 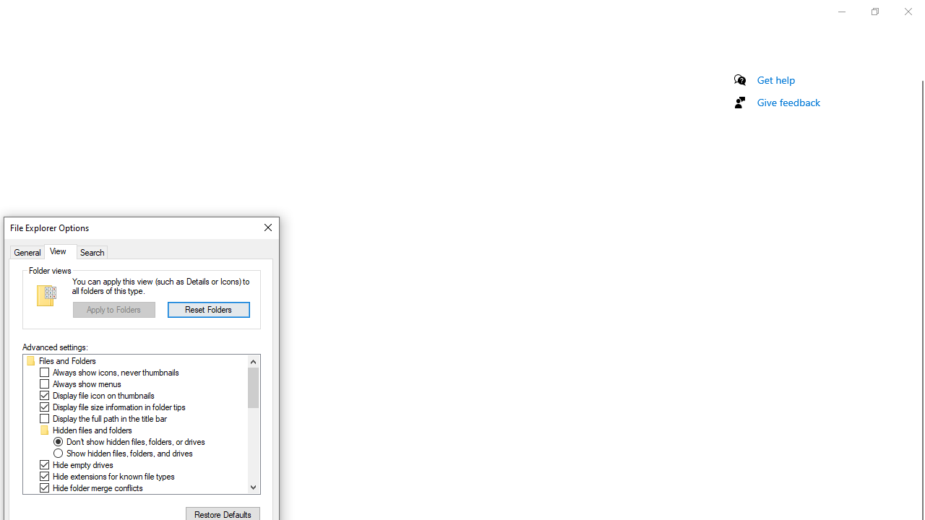 I want to click on 'Always show menus', so click(x=86, y=383).